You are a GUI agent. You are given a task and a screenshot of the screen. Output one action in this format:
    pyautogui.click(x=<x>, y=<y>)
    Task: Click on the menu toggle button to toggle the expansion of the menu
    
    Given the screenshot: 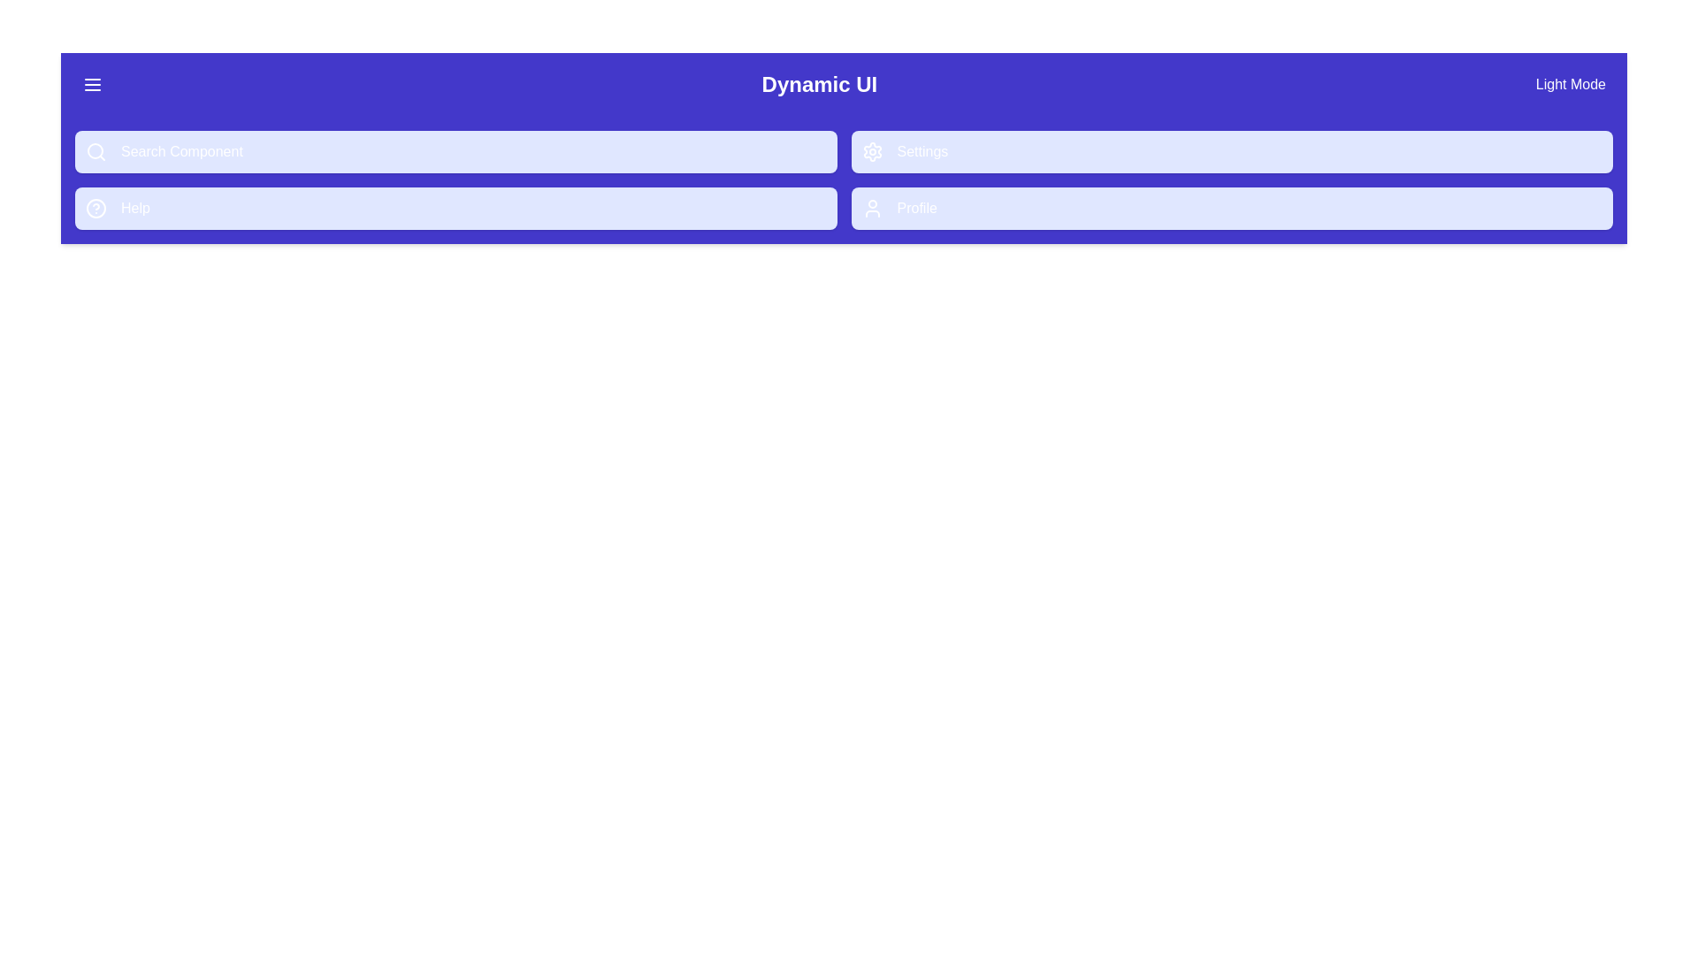 What is the action you would take?
    pyautogui.click(x=92, y=85)
    